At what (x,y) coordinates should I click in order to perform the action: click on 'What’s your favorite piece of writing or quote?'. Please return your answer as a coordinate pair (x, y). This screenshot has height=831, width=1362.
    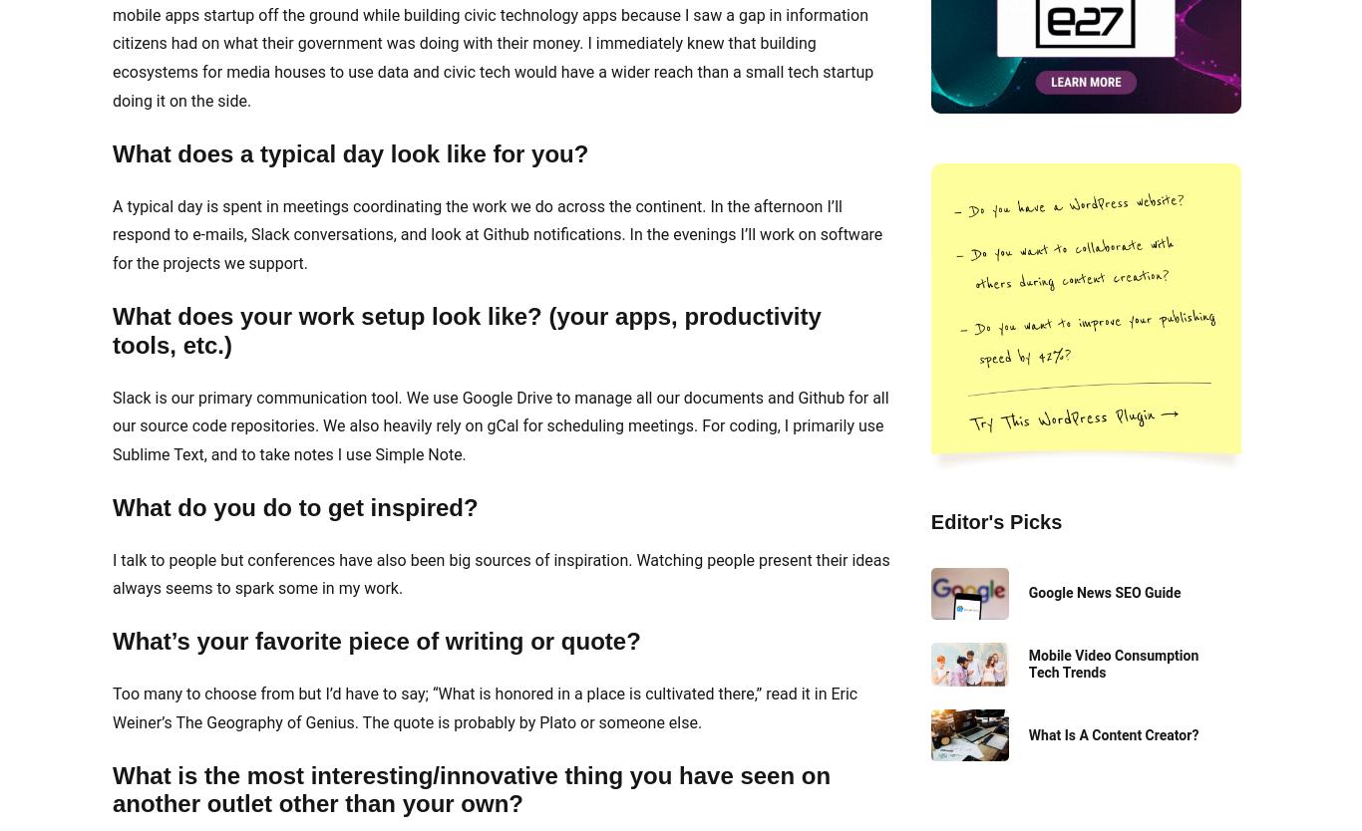
    Looking at the image, I should click on (375, 640).